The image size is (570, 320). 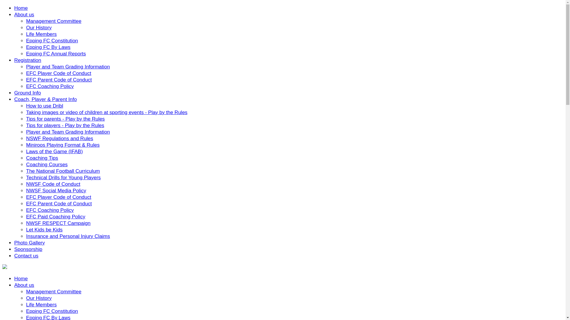 What do you see at coordinates (68, 236) in the screenshot?
I see `'Insurance and Personal Injury Claims'` at bounding box center [68, 236].